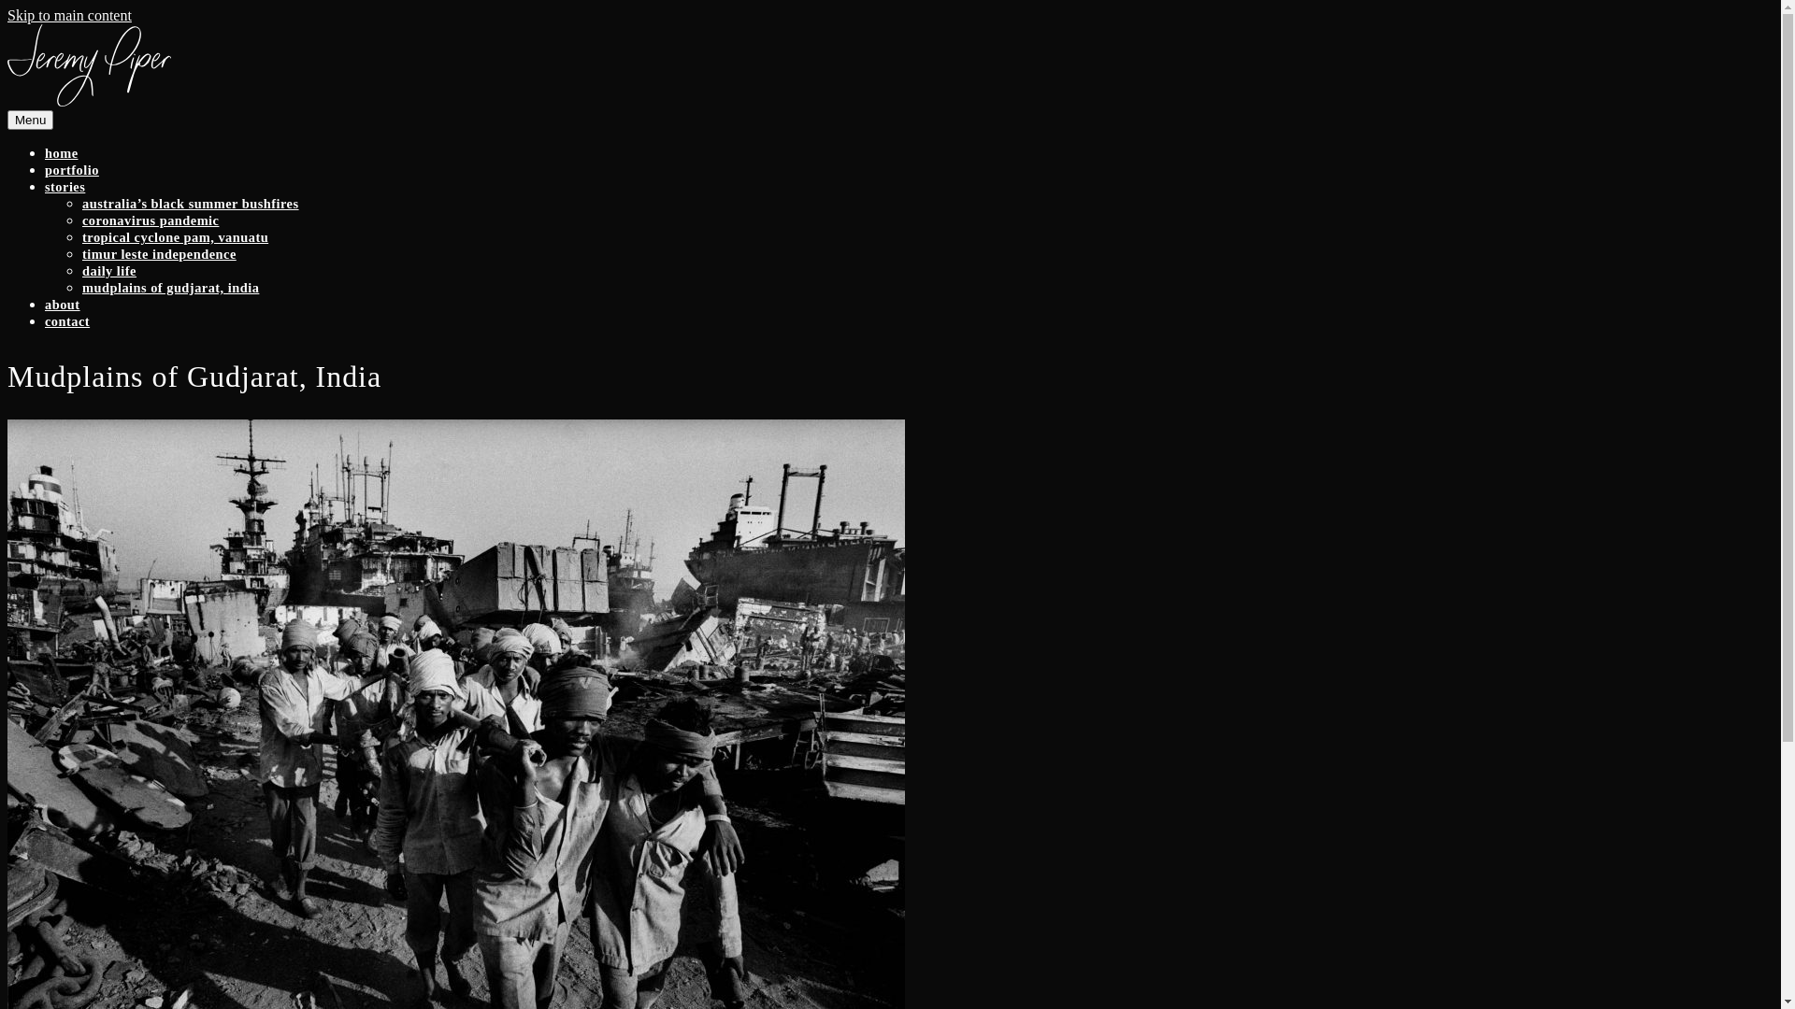 This screenshot has width=1795, height=1009. Describe the element at coordinates (30, 120) in the screenshot. I see `'Menu'` at that location.